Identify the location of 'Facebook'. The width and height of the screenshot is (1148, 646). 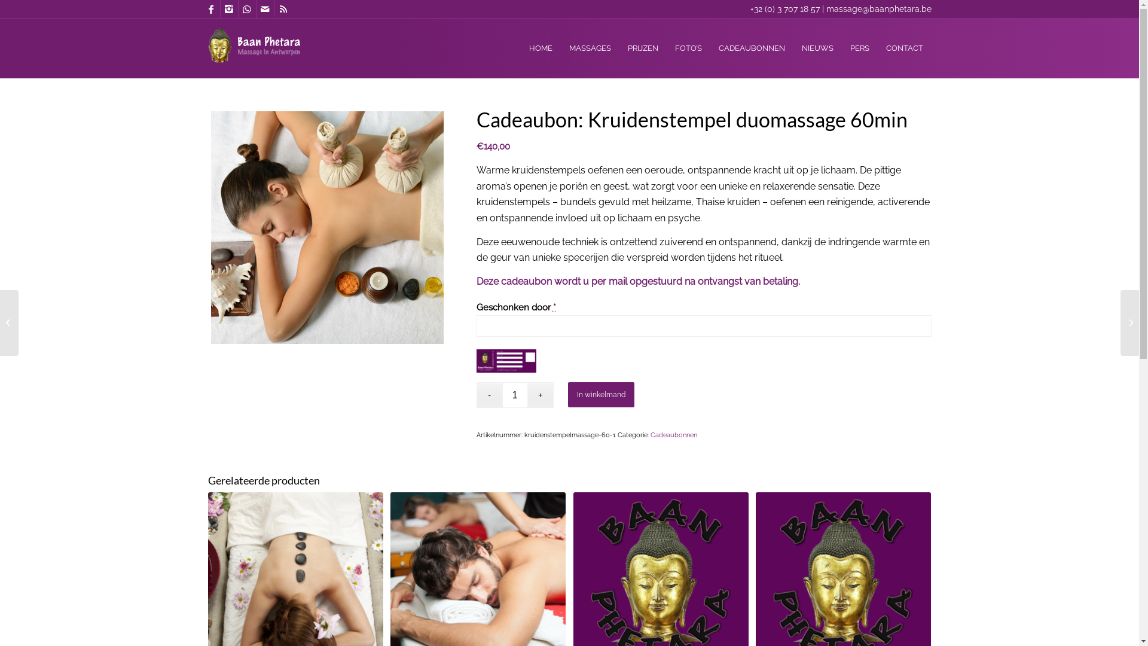
(210, 9).